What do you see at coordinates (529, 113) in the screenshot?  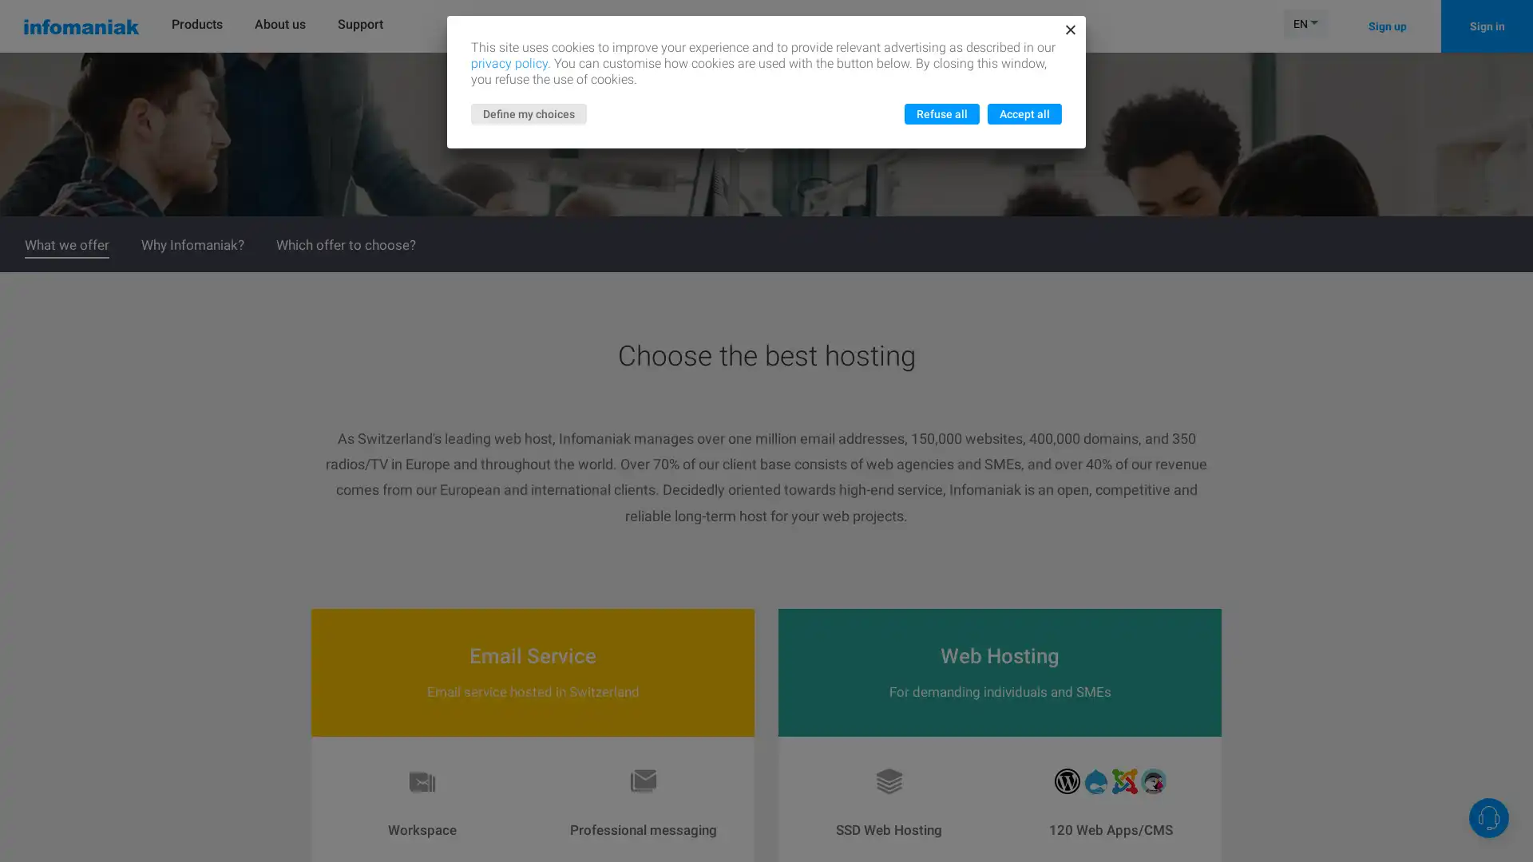 I see `Define my choices` at bounding box center [529, 113].